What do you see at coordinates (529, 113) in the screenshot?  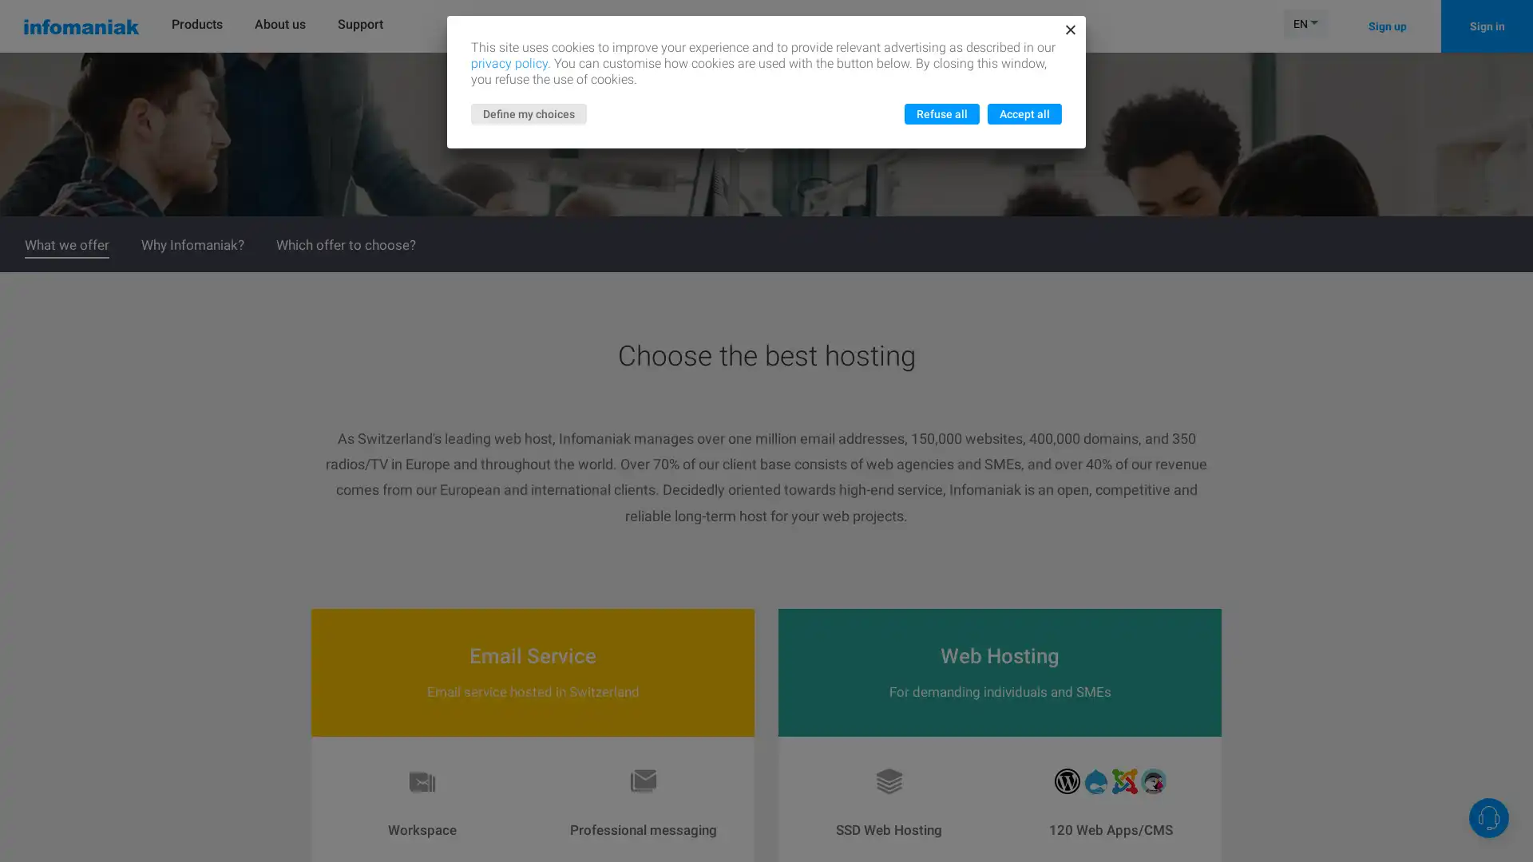 I see `Define my choices` at bounding box center [529, 113].